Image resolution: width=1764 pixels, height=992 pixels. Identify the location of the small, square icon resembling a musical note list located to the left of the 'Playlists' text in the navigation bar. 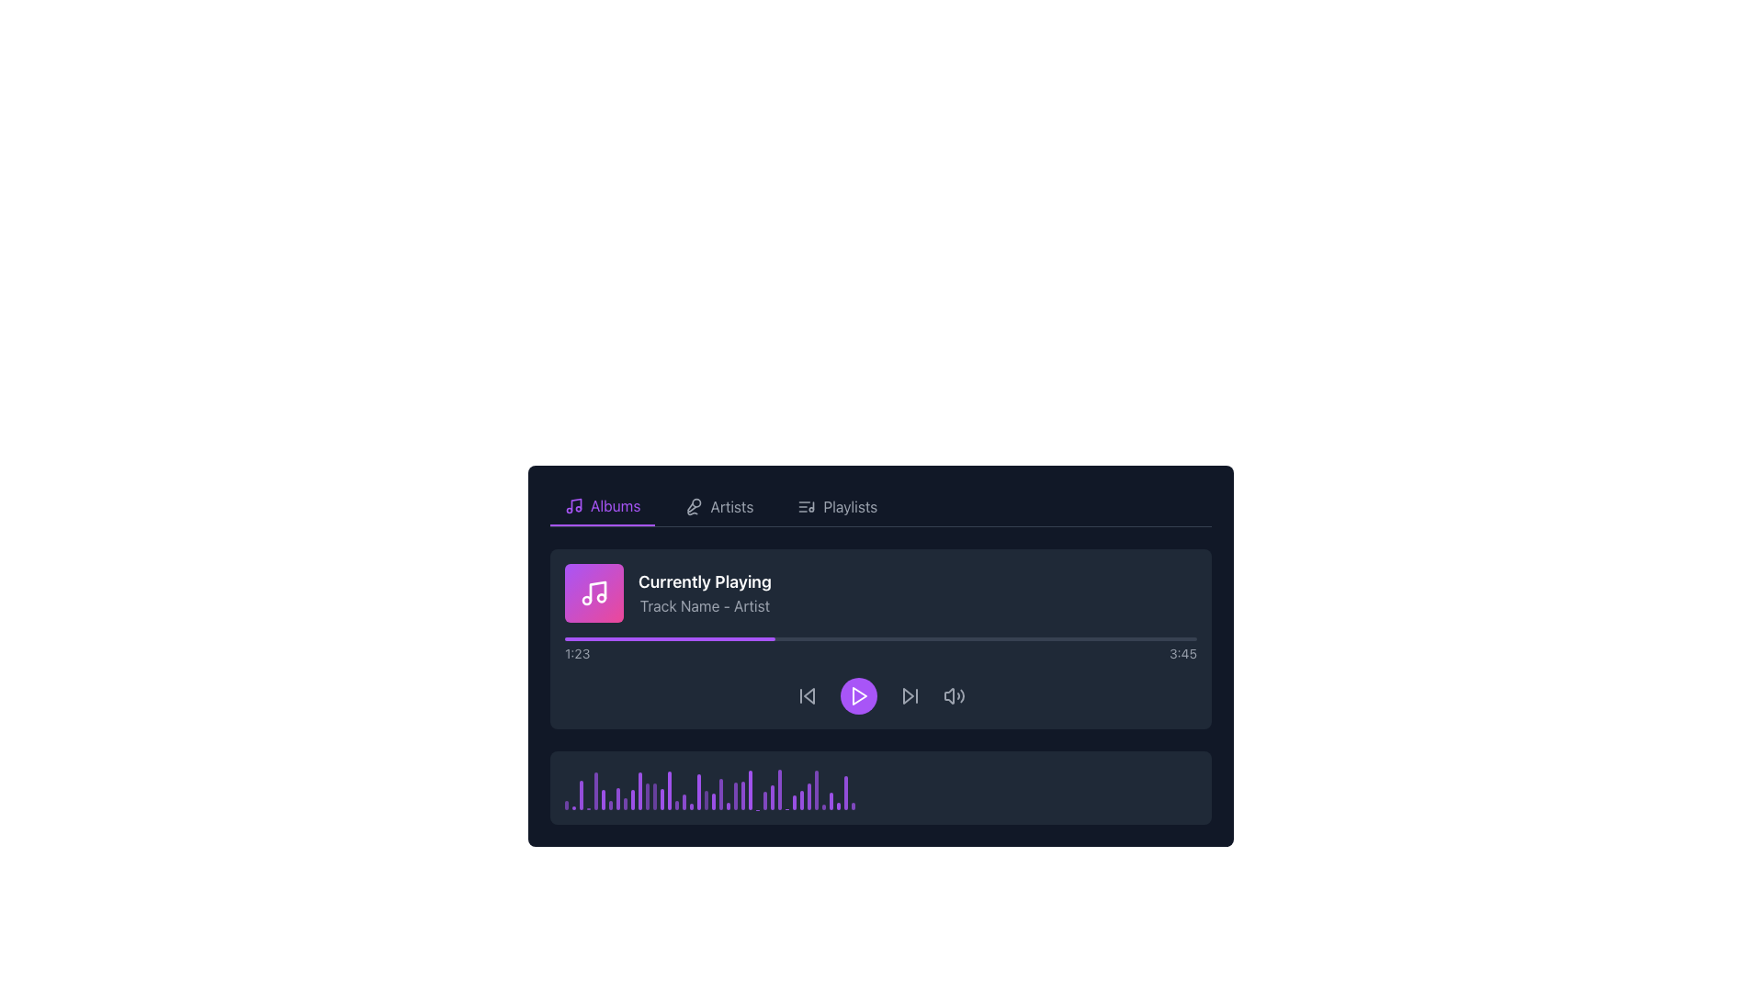
(807, 506).